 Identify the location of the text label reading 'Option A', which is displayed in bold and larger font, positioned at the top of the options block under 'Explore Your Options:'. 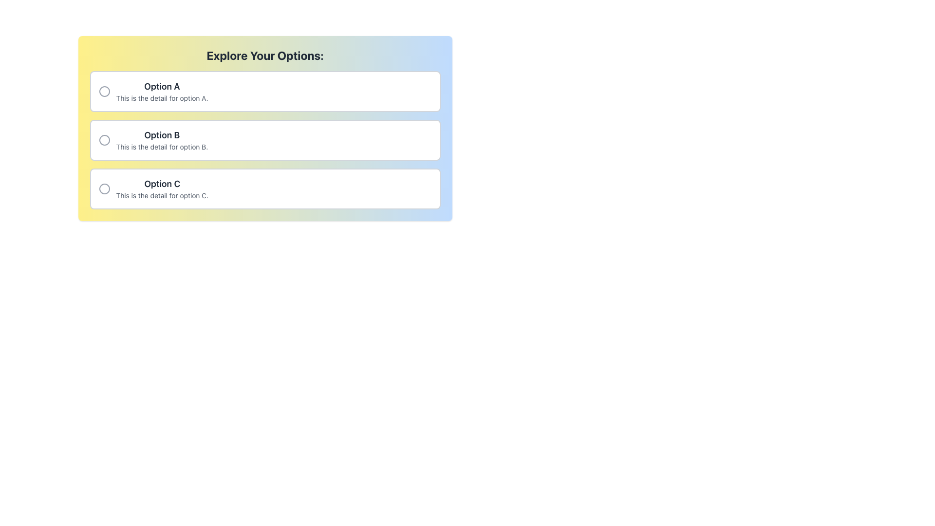
(162, 86).